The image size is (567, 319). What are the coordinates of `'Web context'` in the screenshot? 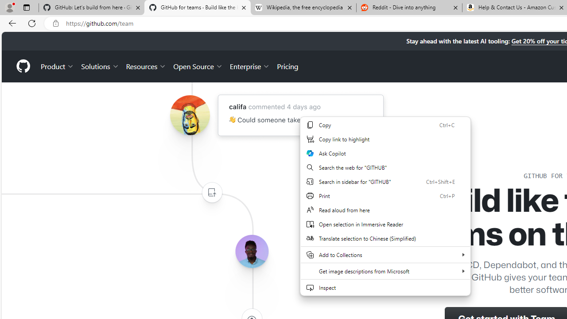 It's located at (385, 206).